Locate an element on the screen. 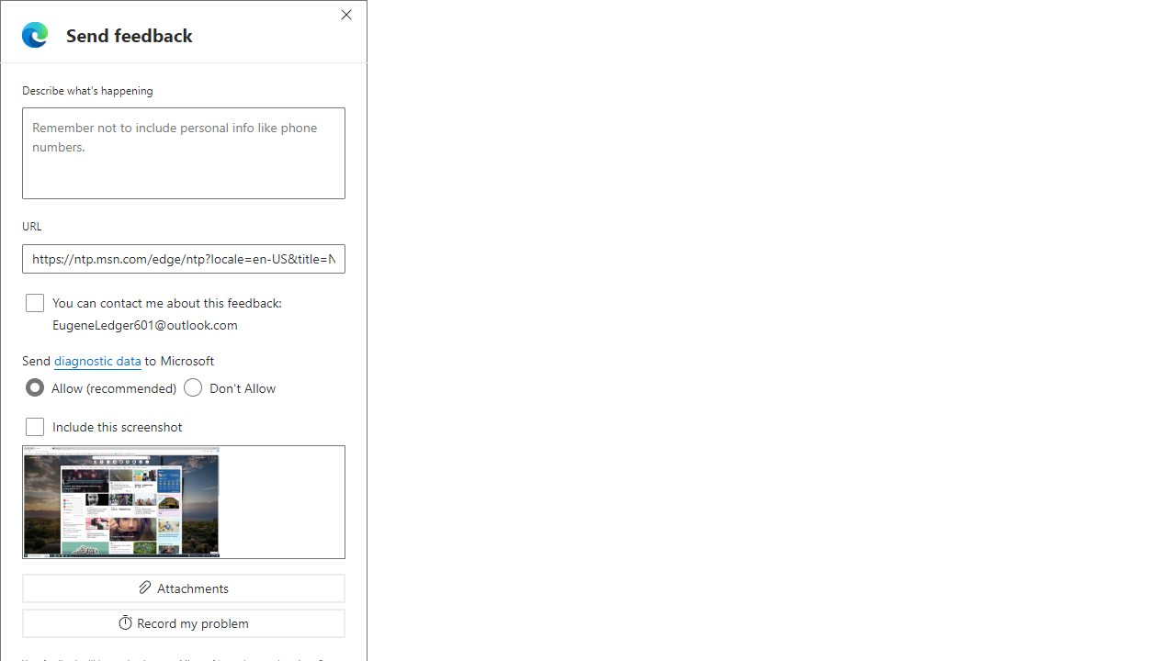 This screenshot has width=1176, height=661. 'Attachments' is located at coordinates (184, 588).